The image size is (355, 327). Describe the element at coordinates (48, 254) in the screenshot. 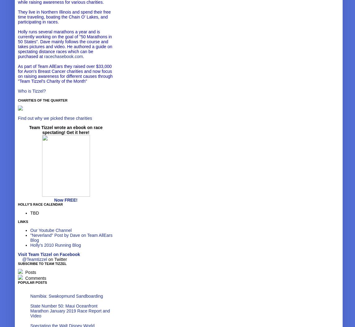

I see `'Visit Team Tizzel on Facebook'` at that location.